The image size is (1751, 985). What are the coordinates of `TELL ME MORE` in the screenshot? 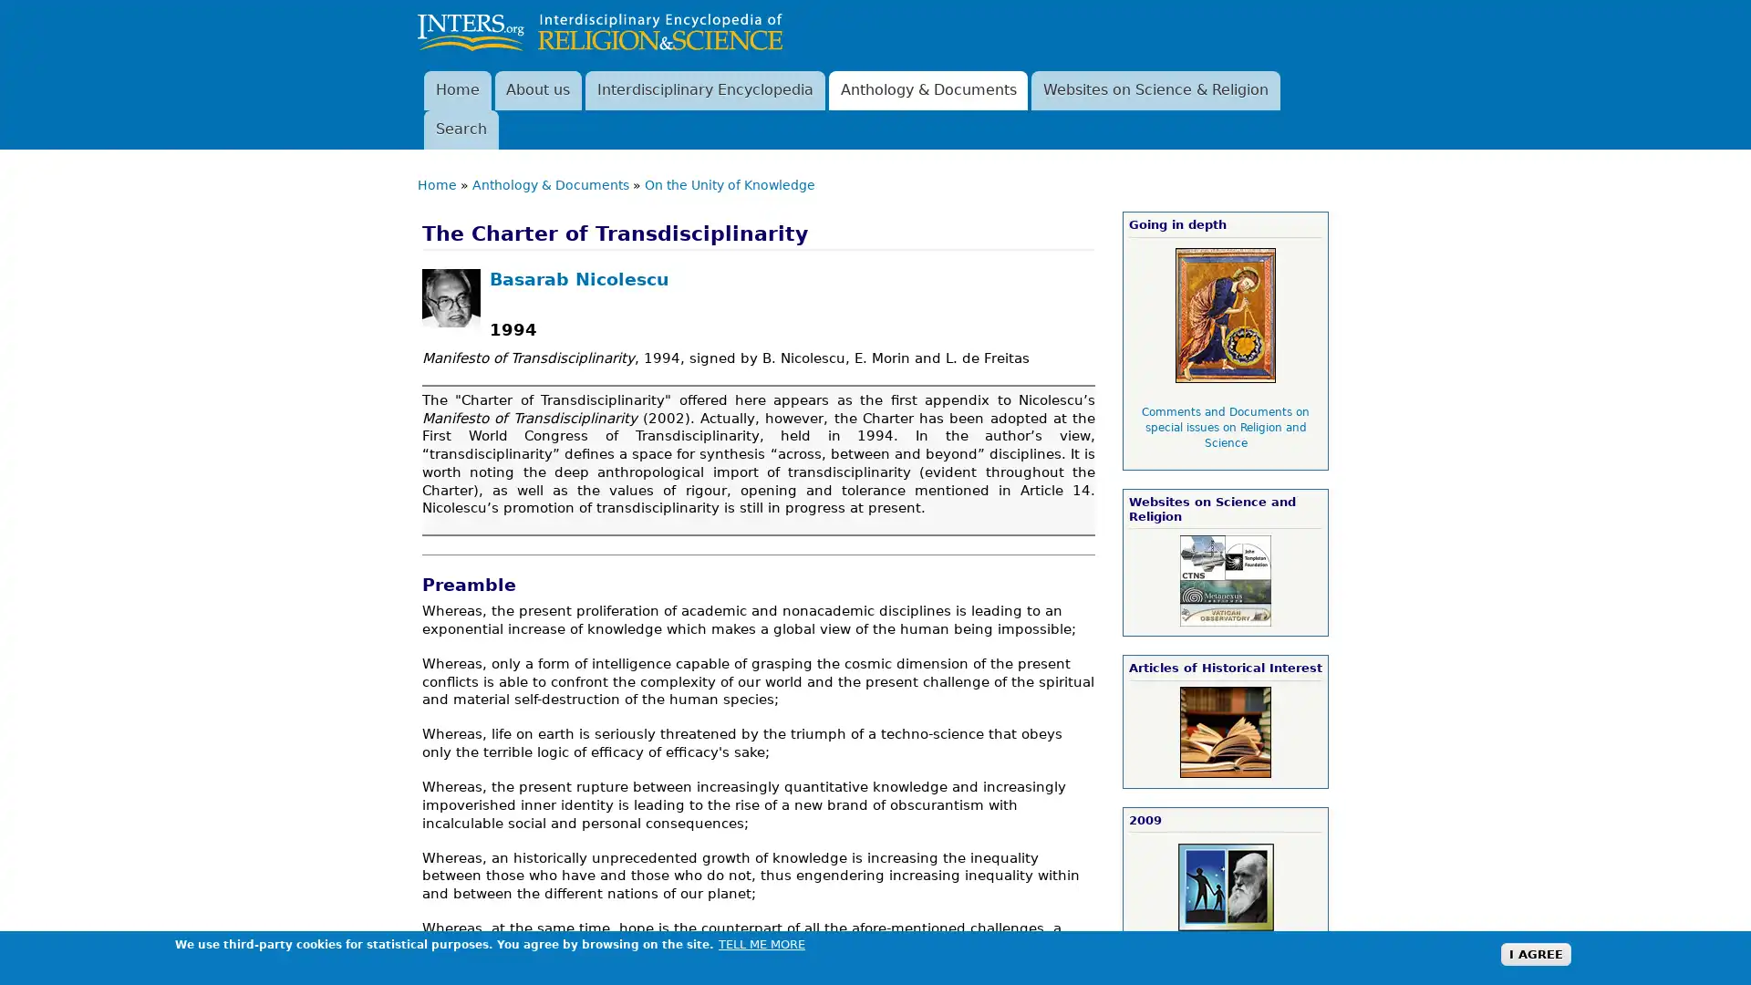 It's located at (762, 943).